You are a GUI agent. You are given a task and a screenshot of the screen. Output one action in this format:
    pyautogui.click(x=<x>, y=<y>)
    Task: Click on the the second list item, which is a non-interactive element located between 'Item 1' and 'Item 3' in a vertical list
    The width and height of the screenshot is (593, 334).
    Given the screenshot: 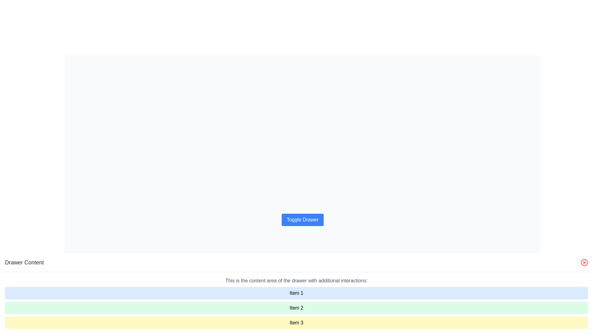 What is the action you would take?
    pyautogui.click(x=296, y=308)
    